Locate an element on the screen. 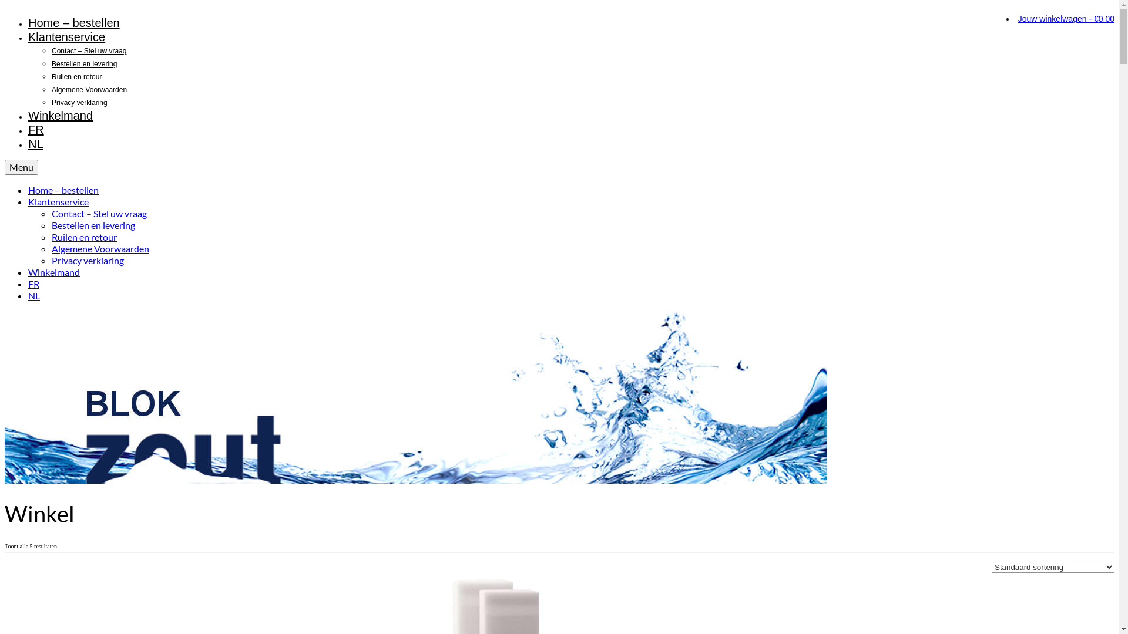  'Algemene Voorwaarden' is located at coordinates (100, 248).